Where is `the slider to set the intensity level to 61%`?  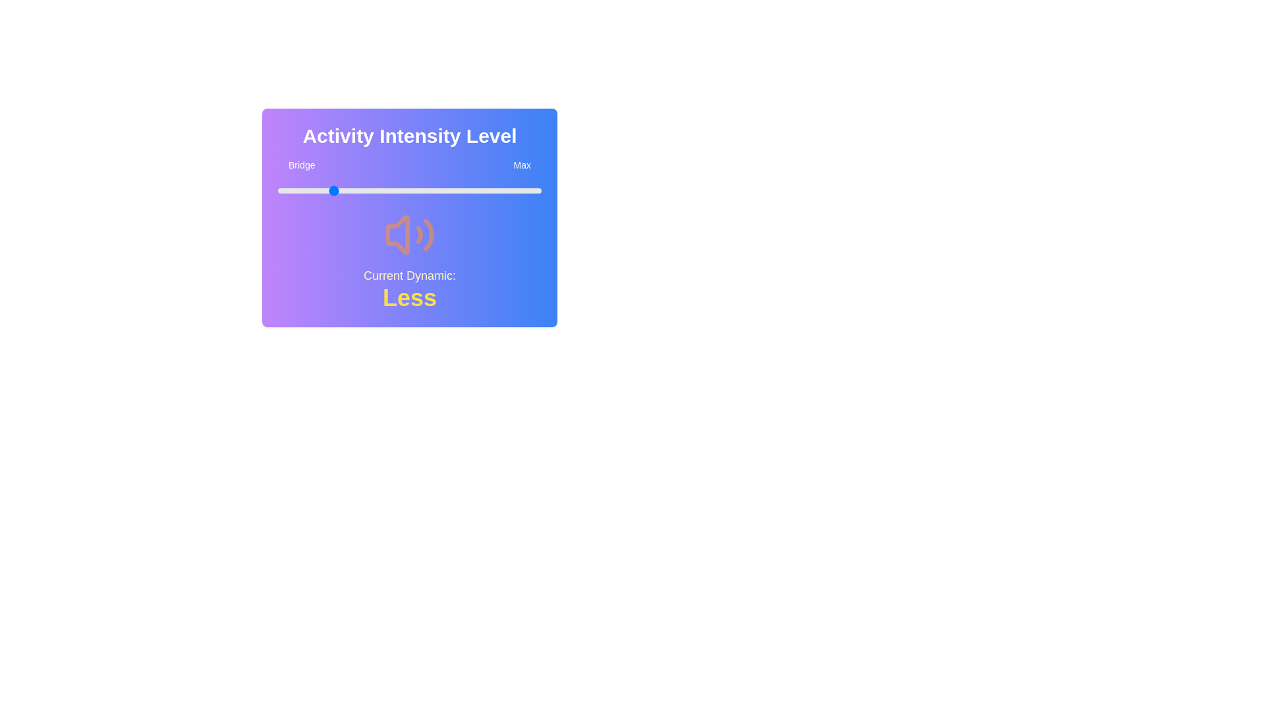 the slider to set the intensity level to 61% is located at coordinates (439, 190).